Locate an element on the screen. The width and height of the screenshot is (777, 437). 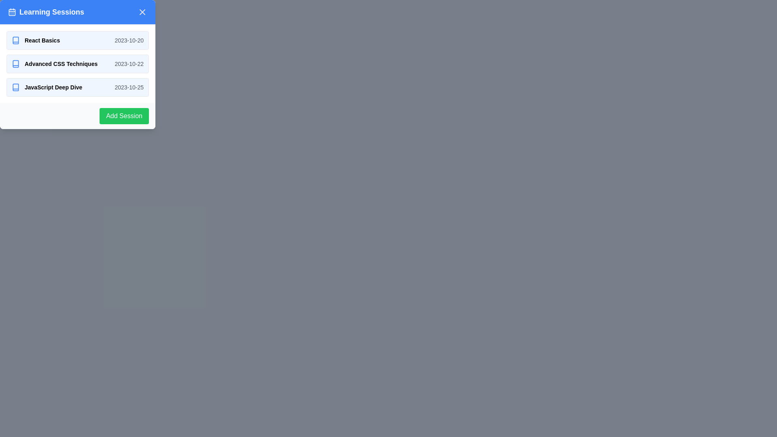
the 'React Basics' session icon (SVG) which serves as a visual marker for quick identification of the session is located at coordinates (15, 40).